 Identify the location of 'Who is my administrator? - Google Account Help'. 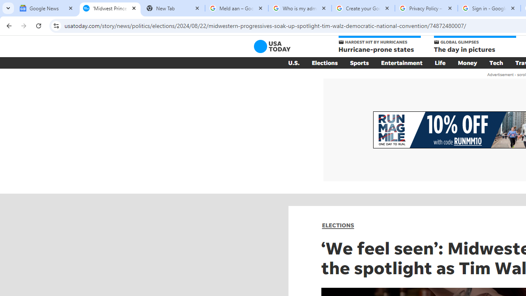
(300, 8).